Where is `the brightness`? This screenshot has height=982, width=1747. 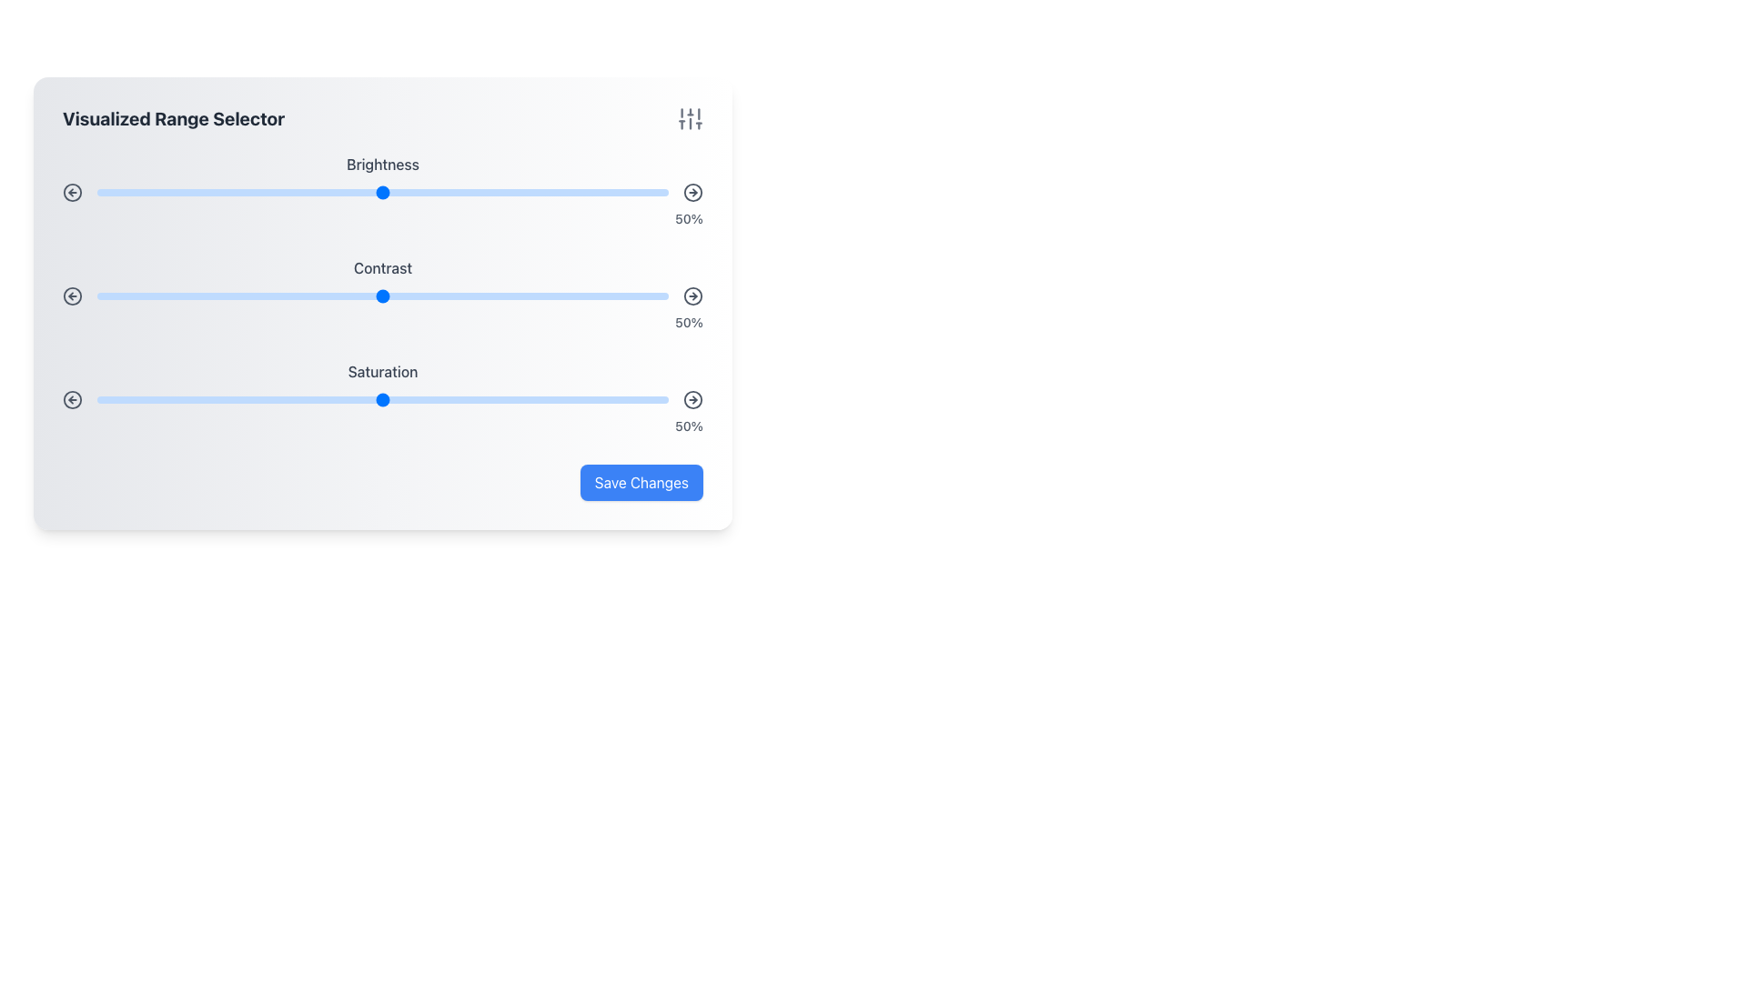
the brightness is located at coordinates (513, 193).